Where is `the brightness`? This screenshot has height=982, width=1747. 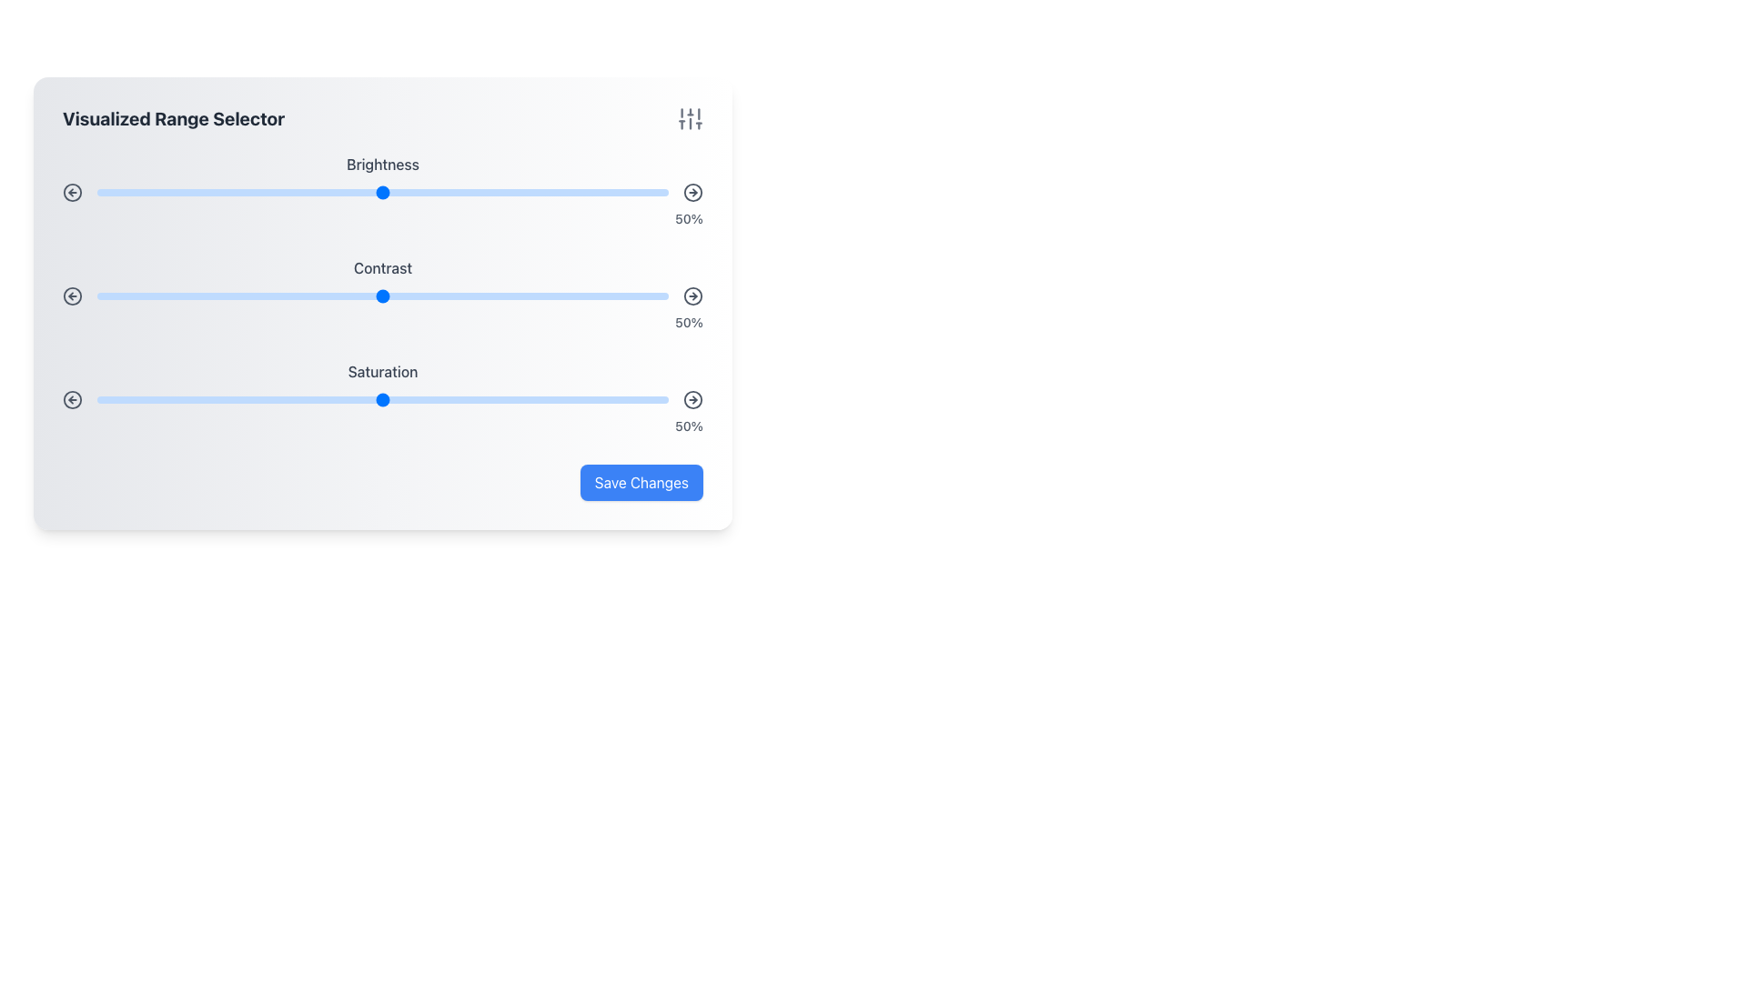
the brightness is located at coordinates (513, 193).